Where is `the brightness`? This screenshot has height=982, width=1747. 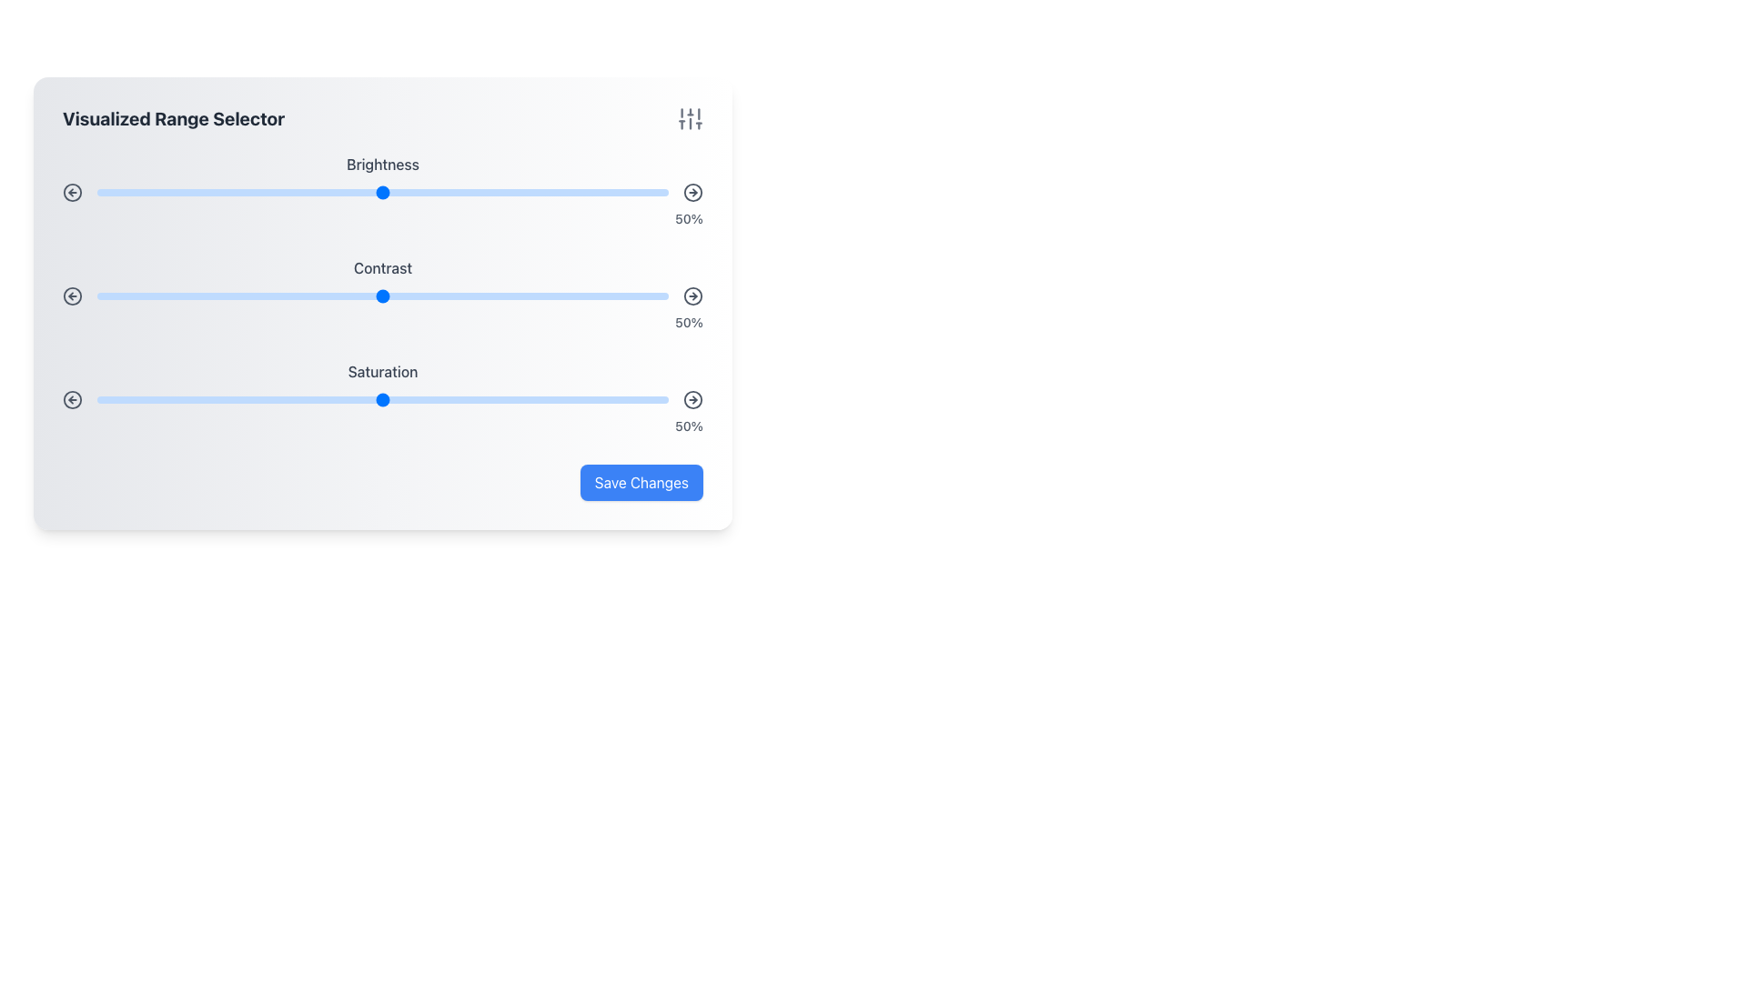
the brightness is located at coordinates (513, 193).